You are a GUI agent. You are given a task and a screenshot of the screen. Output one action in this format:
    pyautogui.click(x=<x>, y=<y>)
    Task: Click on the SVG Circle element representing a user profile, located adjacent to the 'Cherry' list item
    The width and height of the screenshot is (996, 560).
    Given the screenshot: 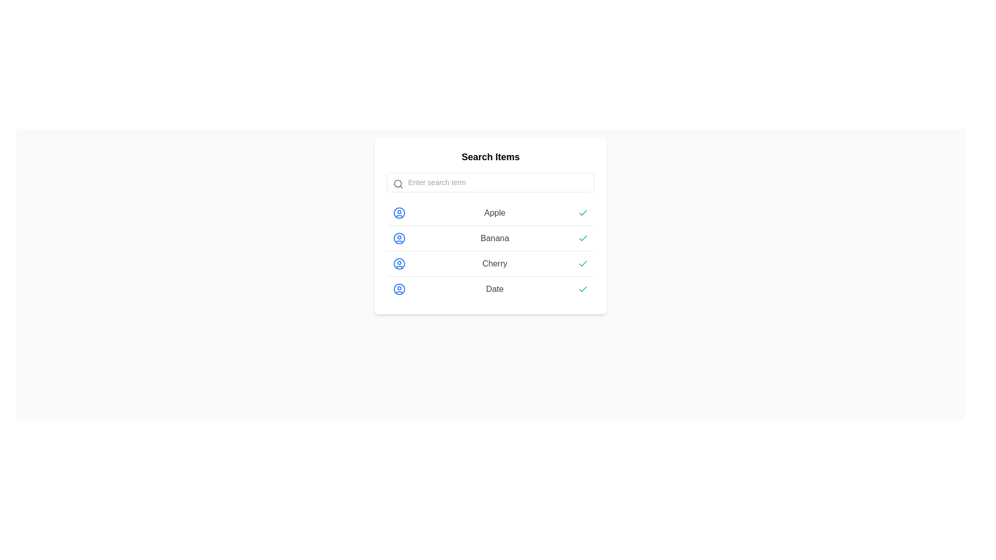 What is the action you would take?
    pyautogui.click(x=398, y=263)
    